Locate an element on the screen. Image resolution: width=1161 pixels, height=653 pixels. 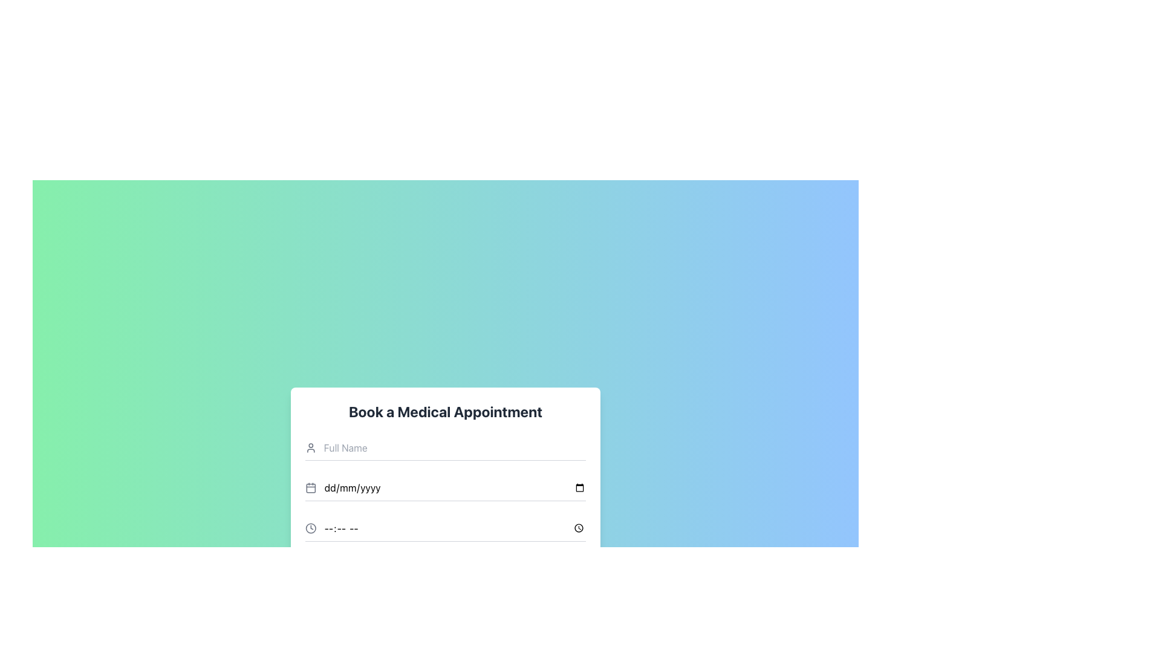
the clock icon located to the left of the 'Appointment Time' input field in the 'Book a Medical Appointment' form is located at coordinates (311, 527).